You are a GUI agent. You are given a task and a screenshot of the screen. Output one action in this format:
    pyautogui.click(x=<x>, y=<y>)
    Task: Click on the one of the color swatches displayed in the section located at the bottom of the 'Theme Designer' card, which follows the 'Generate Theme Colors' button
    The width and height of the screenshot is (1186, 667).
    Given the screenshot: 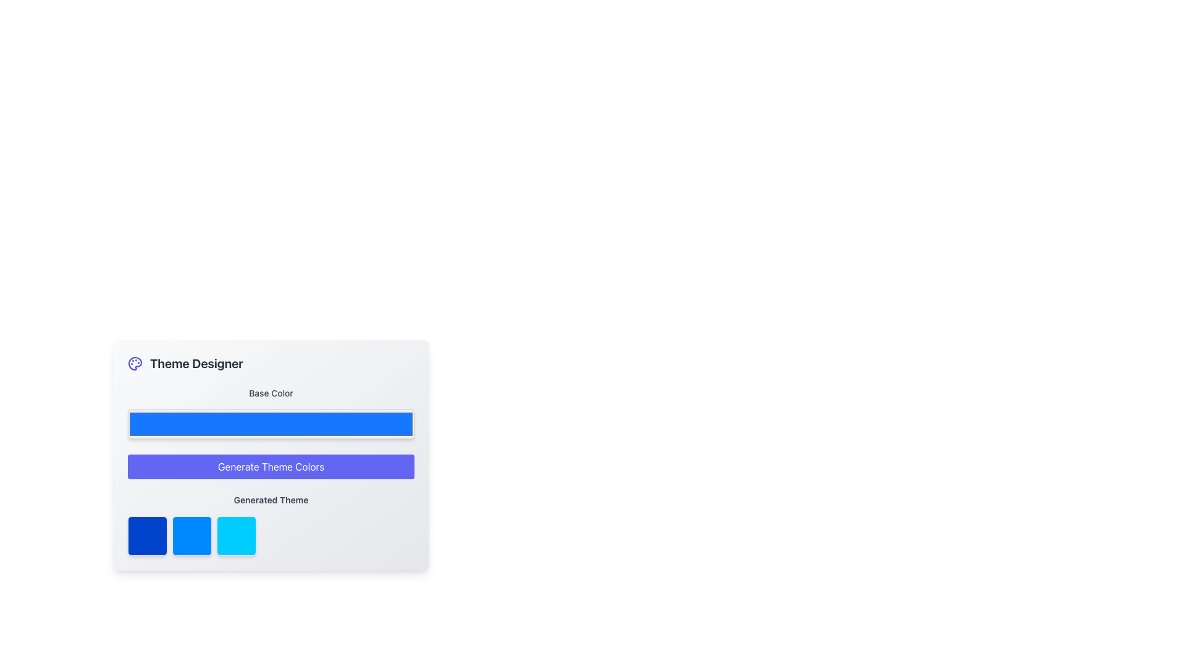 What is the action you would take?
    pyautogui.click(x=270, y=524)
    